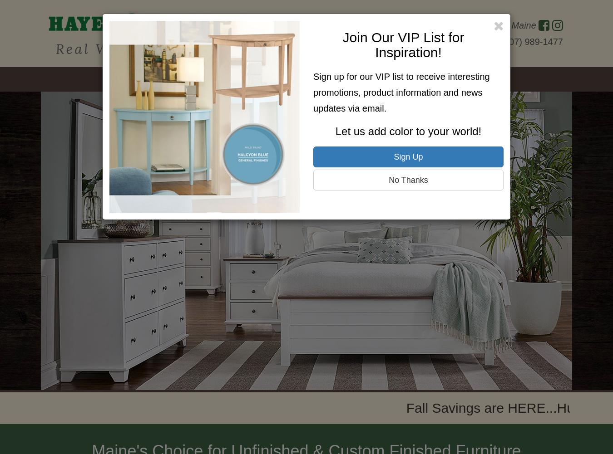 This screenshot has width=613, height=454. I want to click on 'Videos', so click(416, 79).